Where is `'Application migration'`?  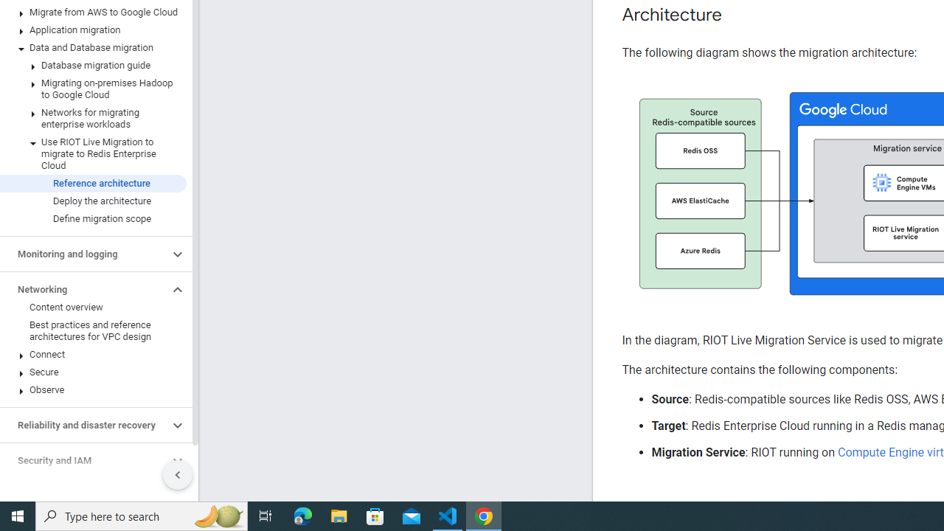
'Application migration' is located at coordinates (92, 30).